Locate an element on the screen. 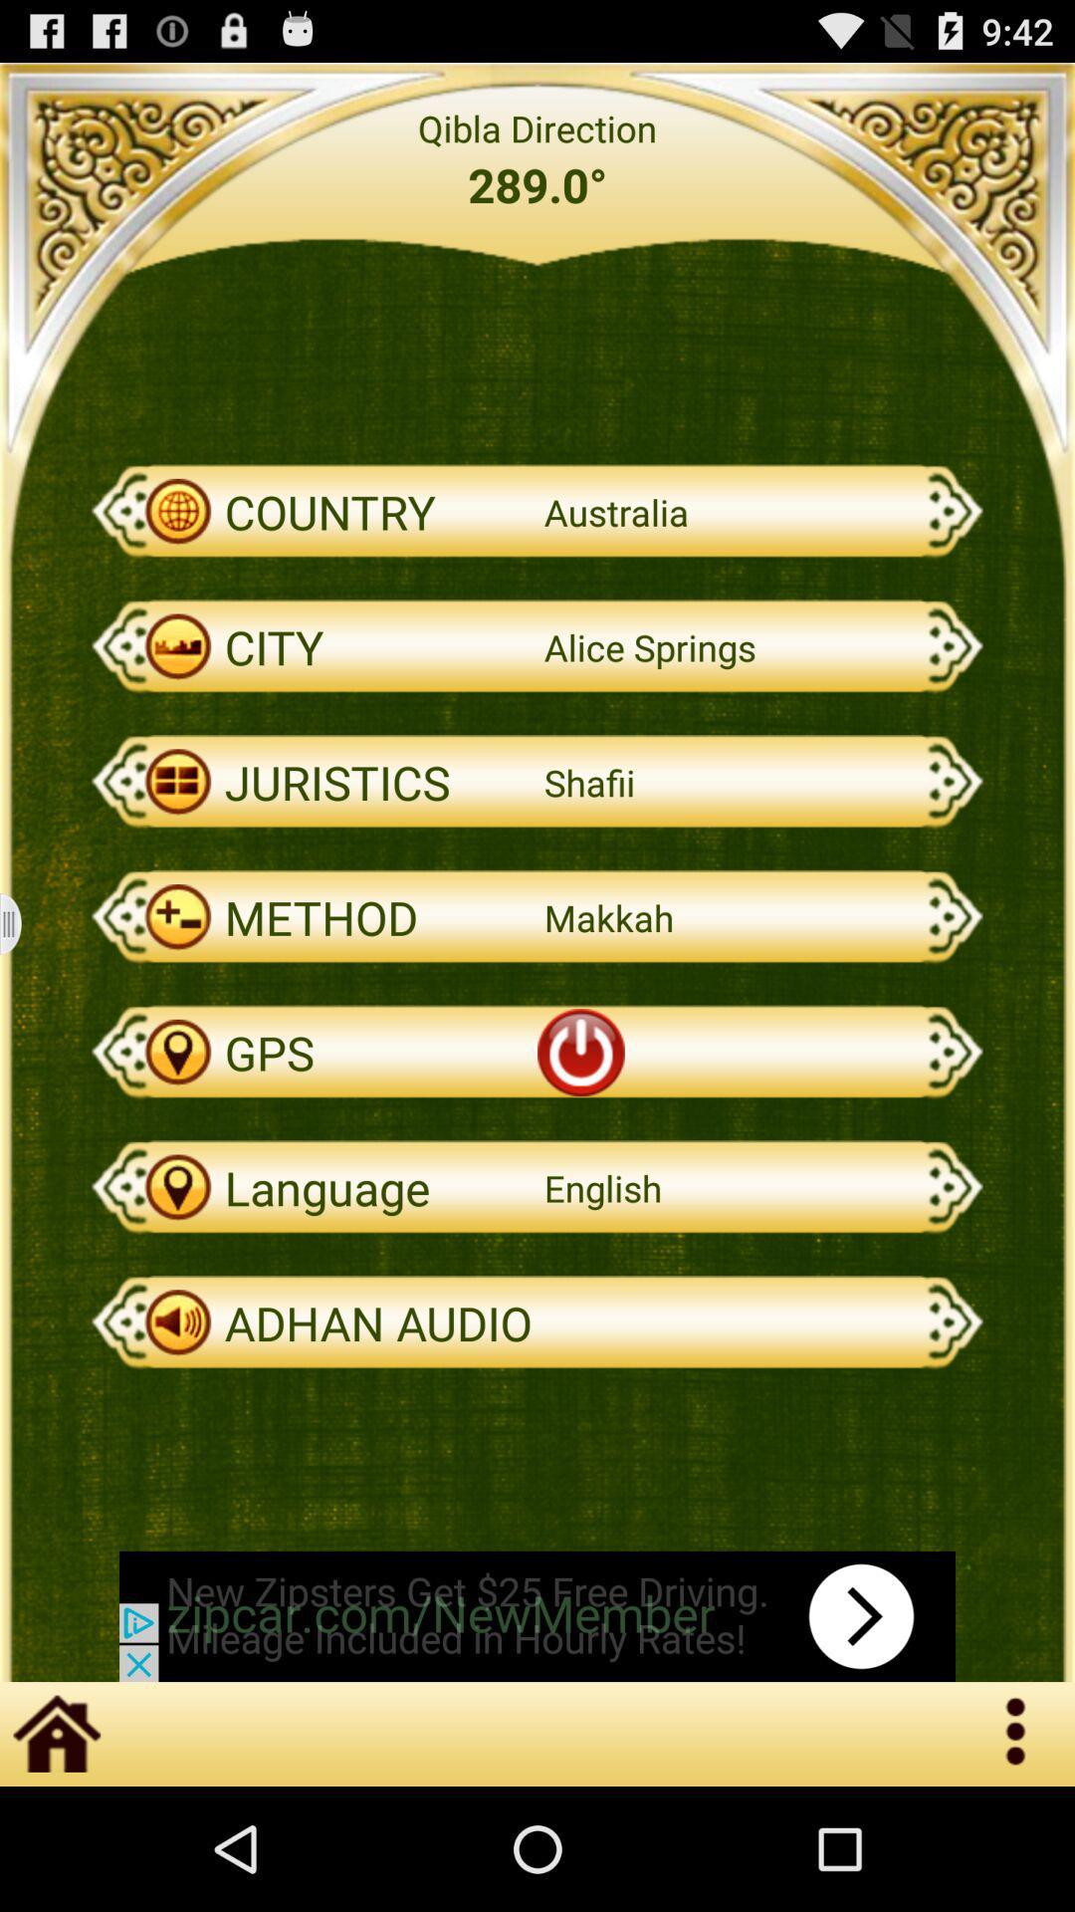 Image resolution: width=1075 pixels, height=1912 pixels. the city alice springs is located at coordinates (537, 646).